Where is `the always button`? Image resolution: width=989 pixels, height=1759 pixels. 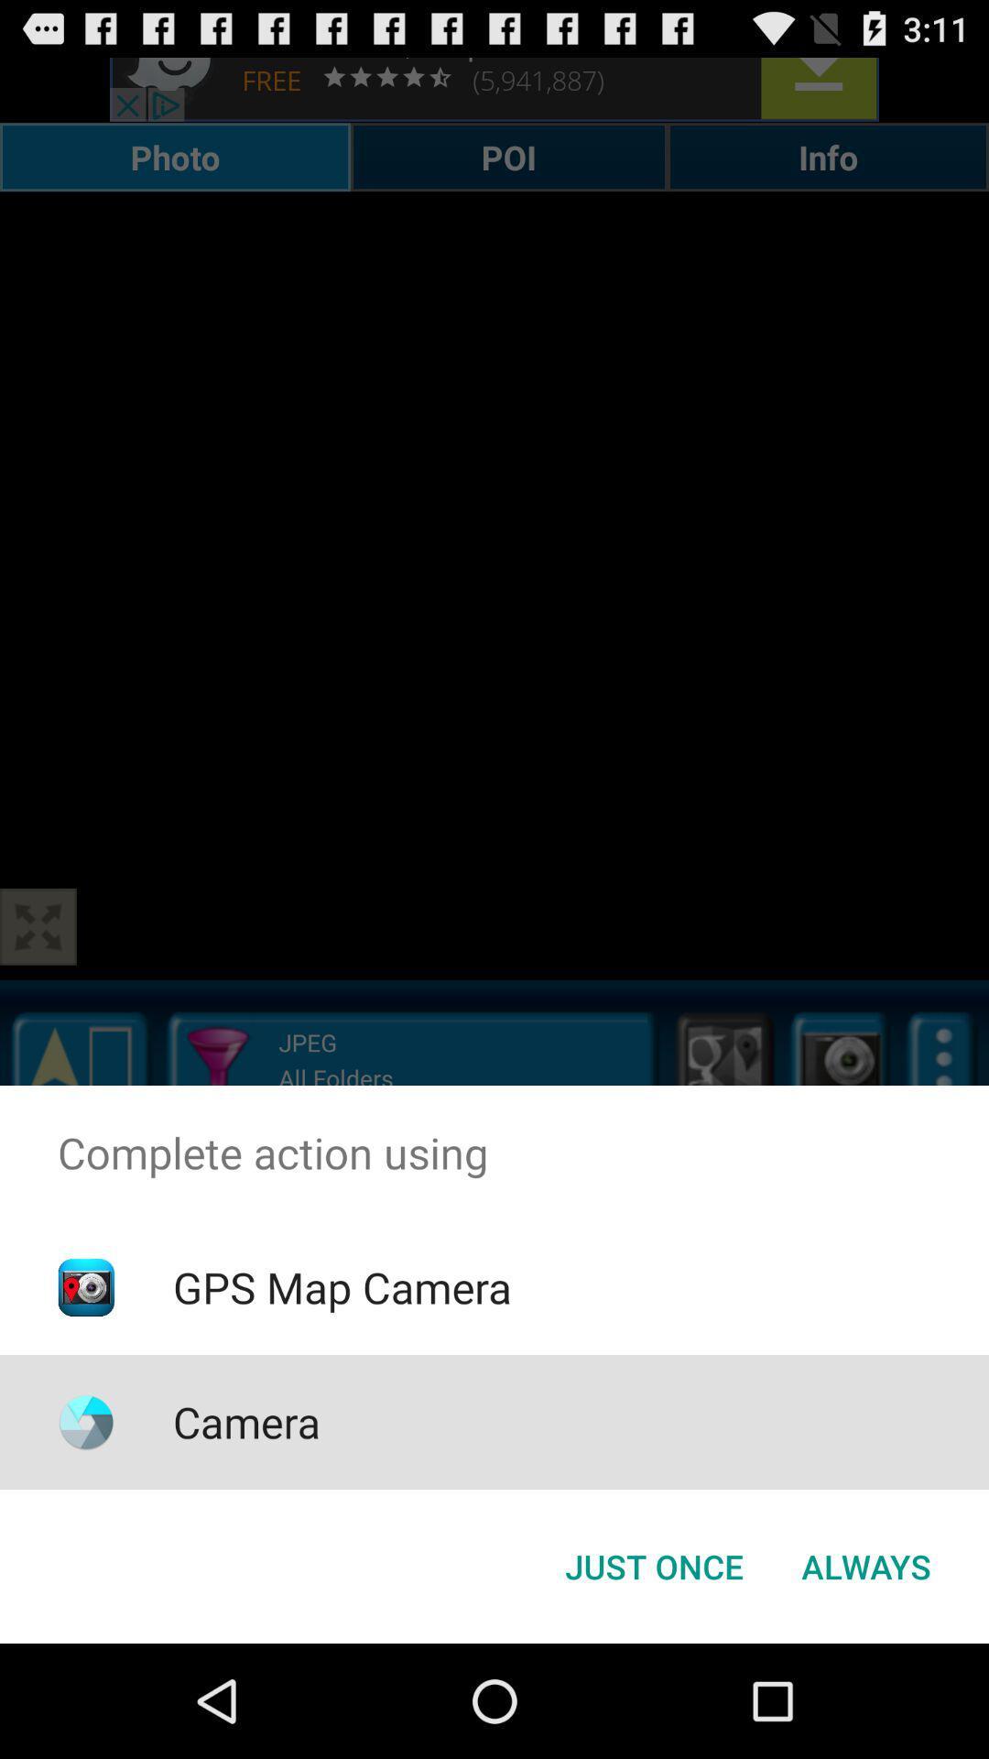 the always button is located at coordinates (865, 1565).